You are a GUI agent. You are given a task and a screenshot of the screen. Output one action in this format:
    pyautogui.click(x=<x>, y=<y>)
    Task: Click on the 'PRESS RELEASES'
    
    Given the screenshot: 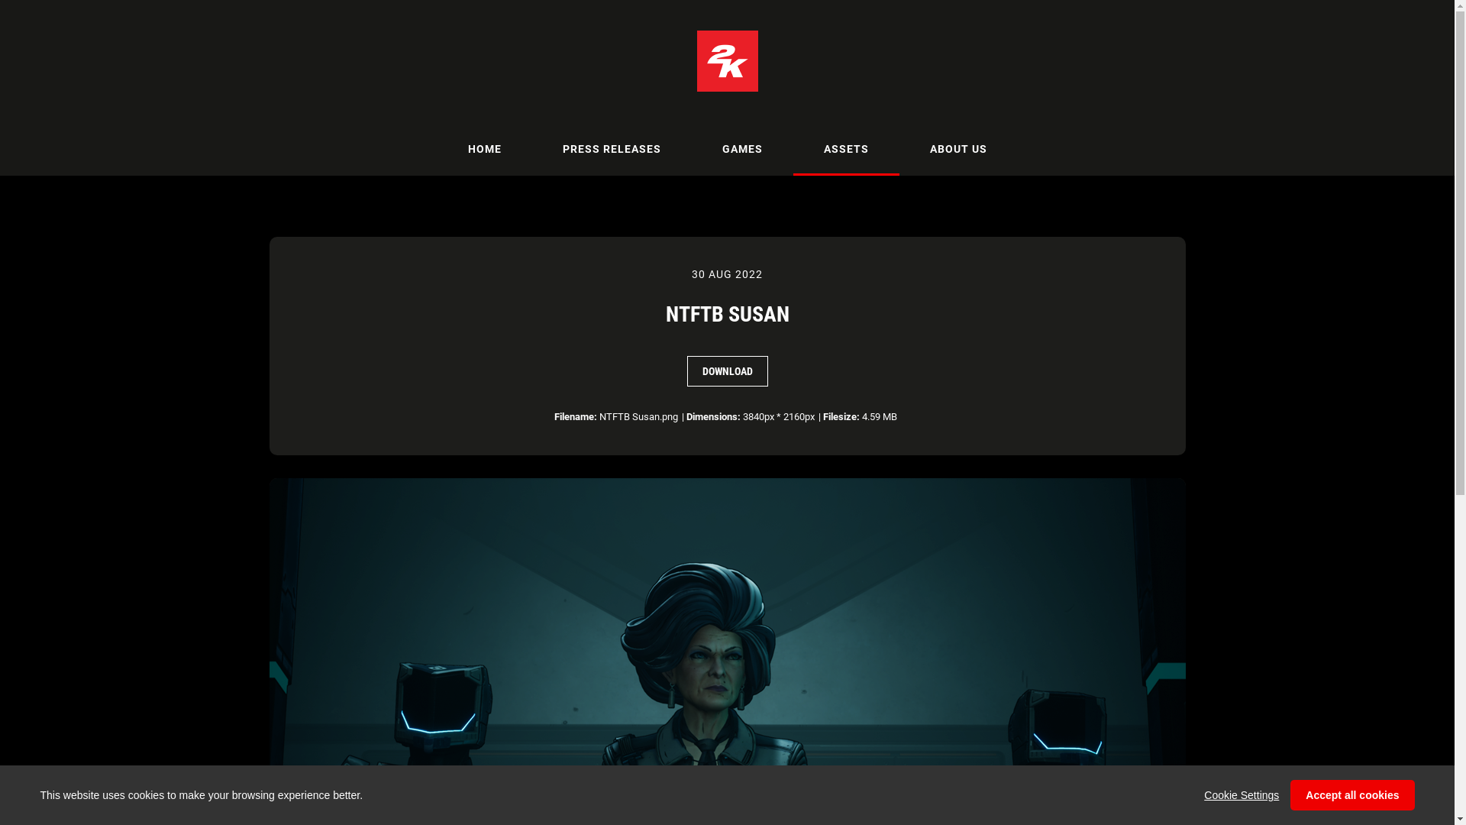 What is the action you would take?
    pyautogui.click(x=531, y=149)
    